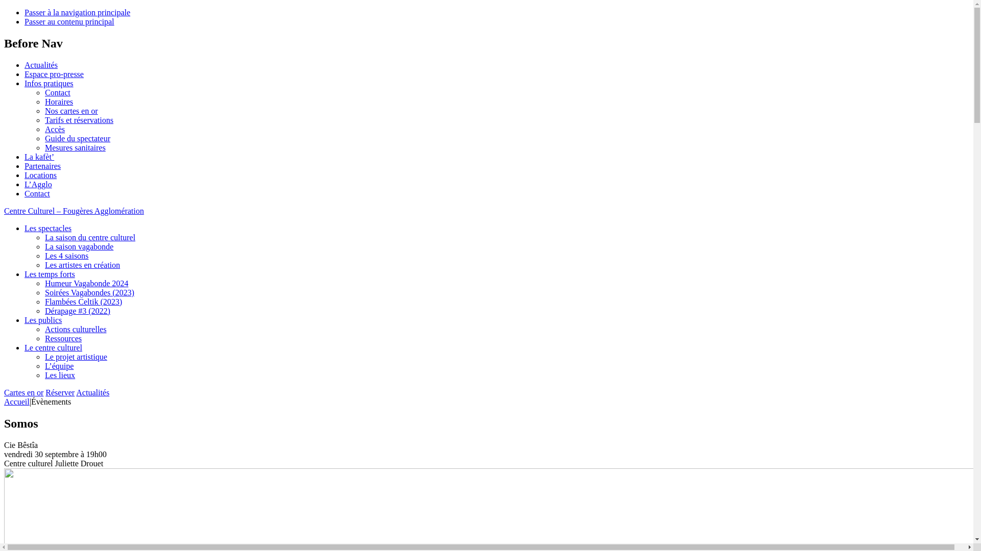  Describe the element at coordinates (44, 246) in the screenshot. I see `'La saison vagabonde'` at that location.